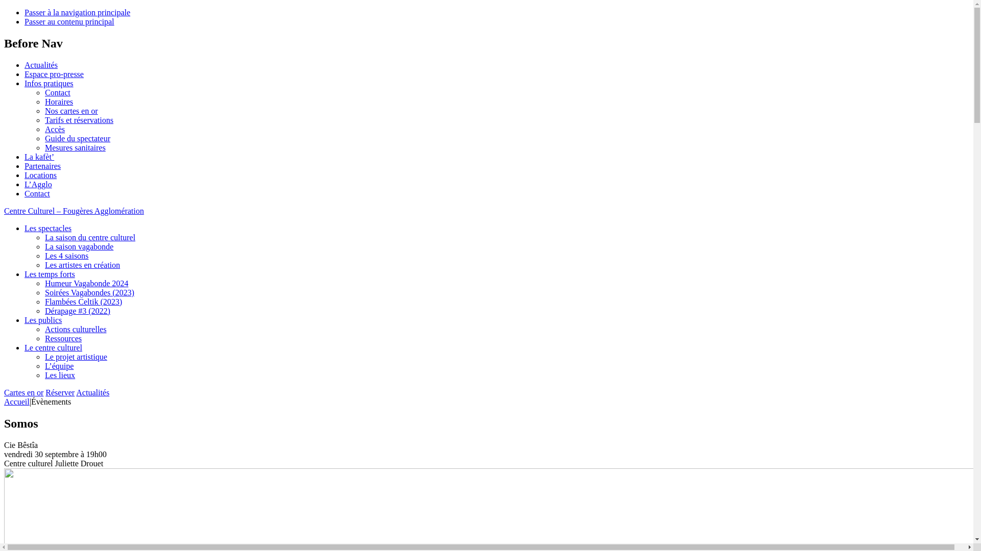  Describe the element at coordinates (44, 246) in the screenshot. I see `'La saison vagabonde'` at that location.